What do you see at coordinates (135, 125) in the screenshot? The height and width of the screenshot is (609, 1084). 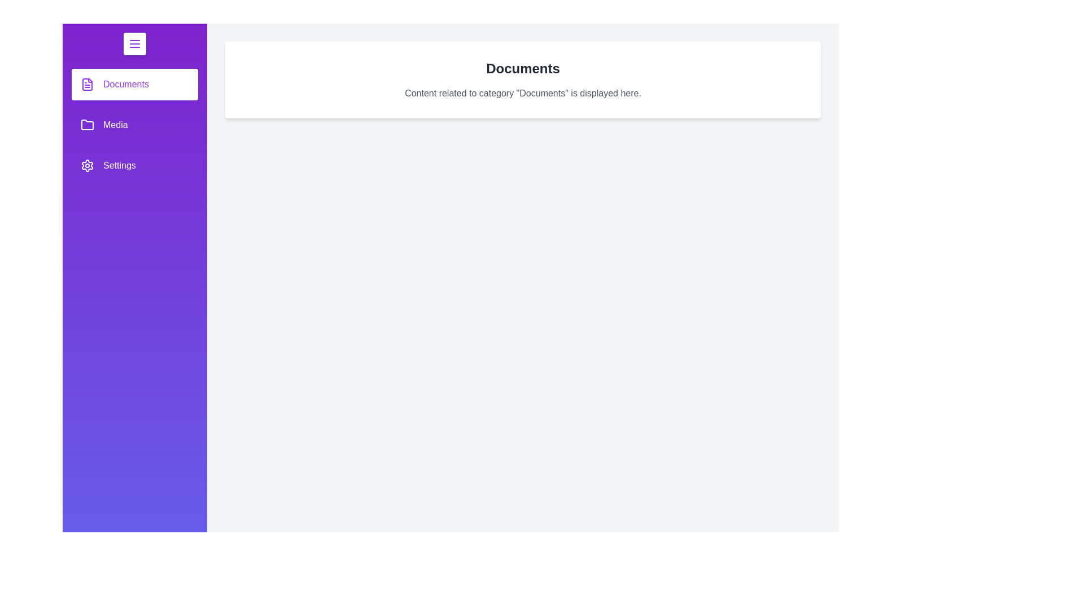 I see `the category Media from the list` at bounding box center [135, 125].